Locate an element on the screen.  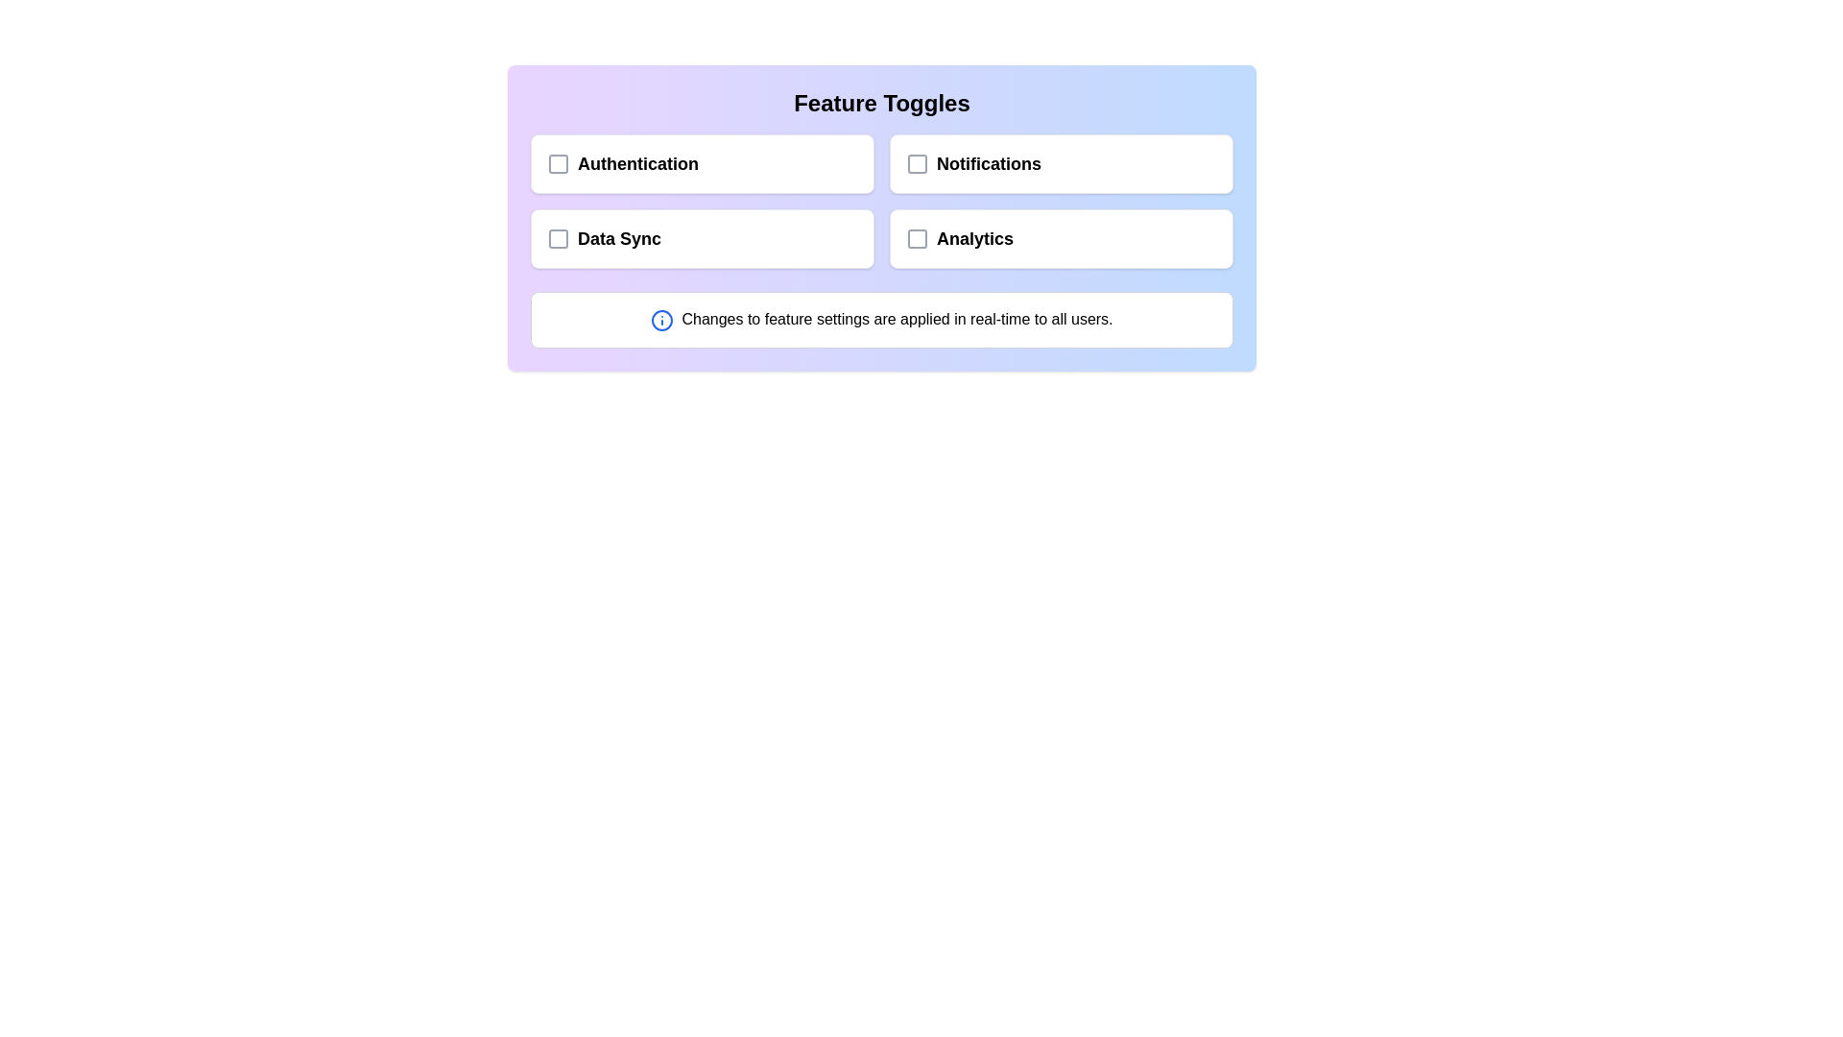
the bold text label 'Authentication' located in the top-left corner of the grouped options under 'Feature Toggles' to interact with it as part of a toggle is located at coordinates (622, 162).